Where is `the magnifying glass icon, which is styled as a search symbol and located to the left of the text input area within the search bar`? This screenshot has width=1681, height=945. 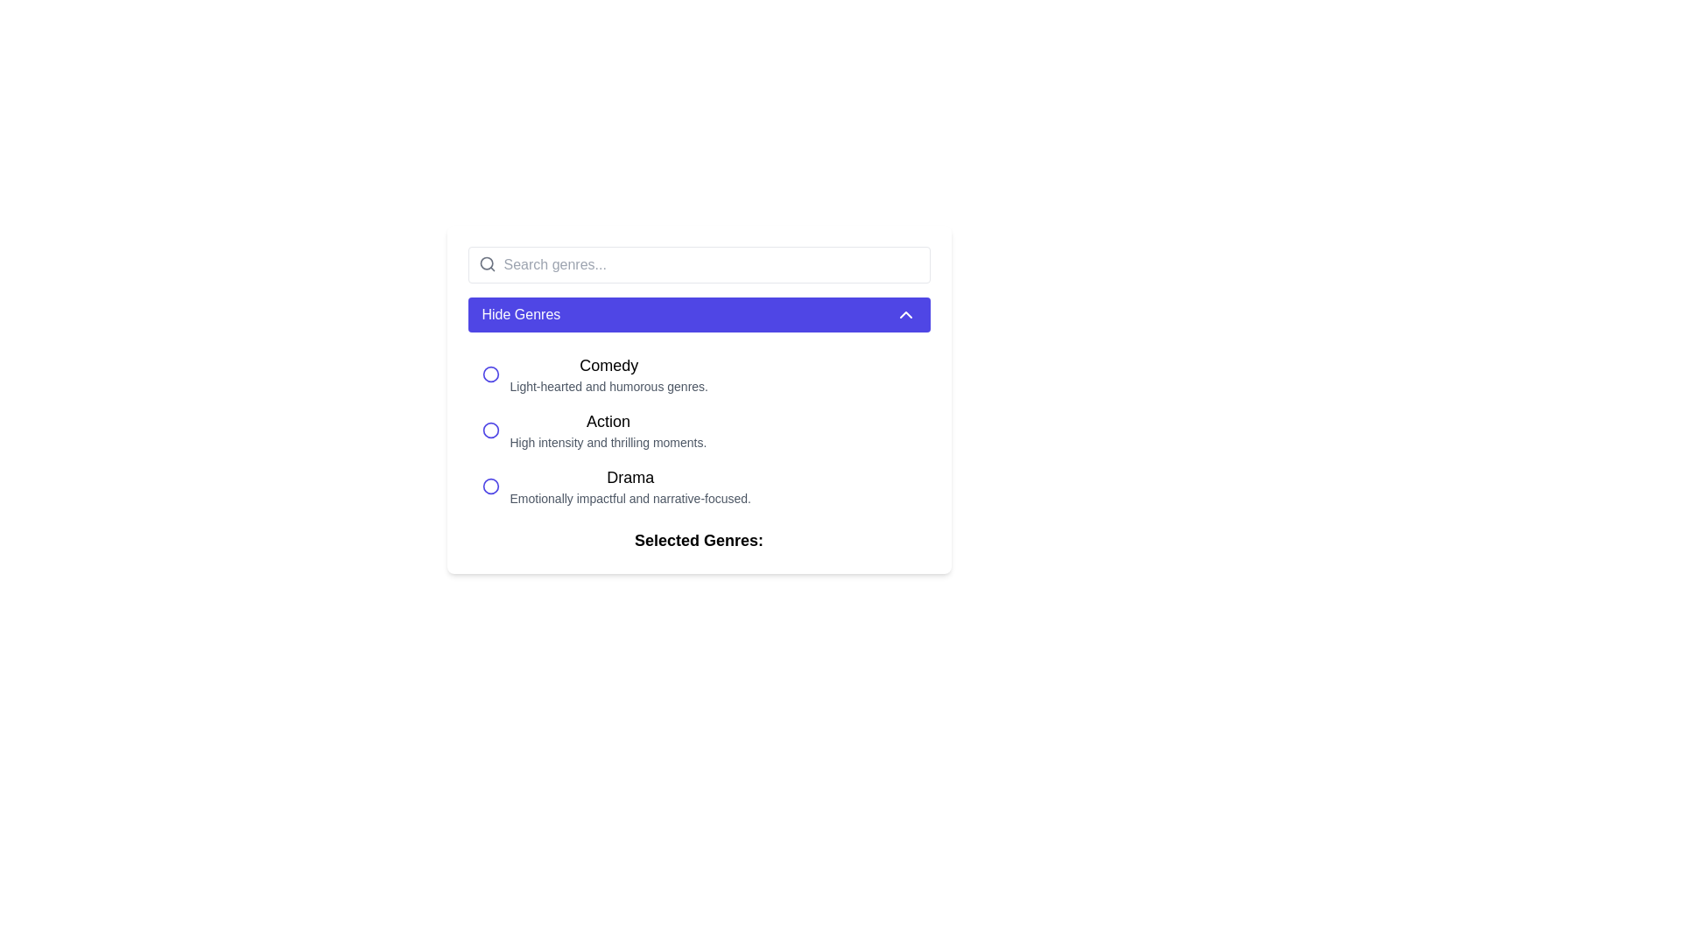
the magnifying glass icon, which is styled as a search symbol and located to the left of the text input area within the search bar is located at coordinates (487, 263).